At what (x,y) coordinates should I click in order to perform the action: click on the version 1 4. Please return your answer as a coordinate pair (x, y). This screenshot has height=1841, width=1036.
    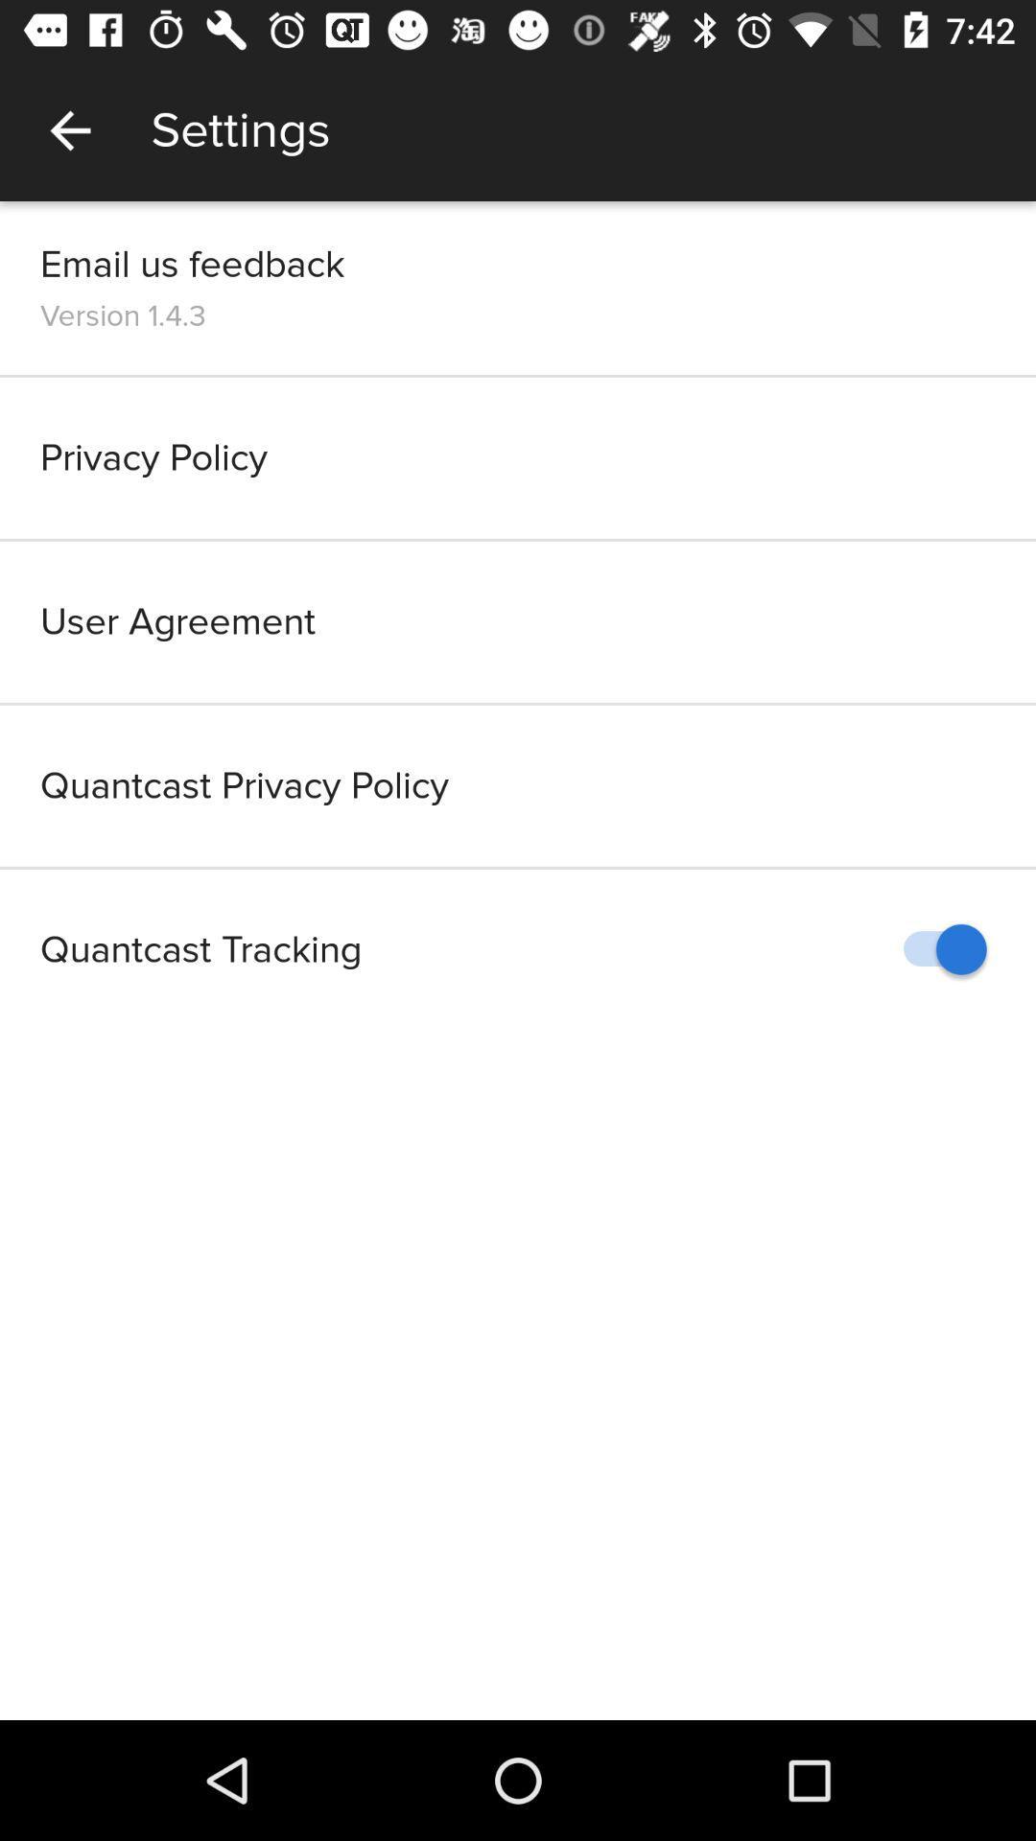
    Looking at the image, I should click on (123, 315).